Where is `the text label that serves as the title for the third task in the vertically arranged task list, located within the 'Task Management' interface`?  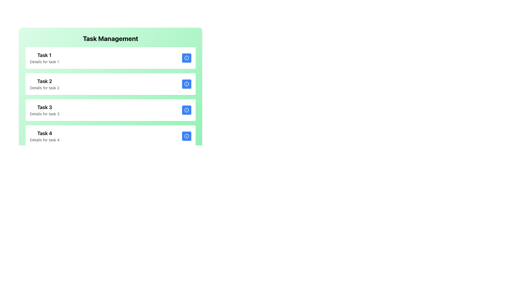
the text label that serves as the title for the third task in the vertically arranged task list, located within the 'Task Management' interface is located at coordinates (45, 107).